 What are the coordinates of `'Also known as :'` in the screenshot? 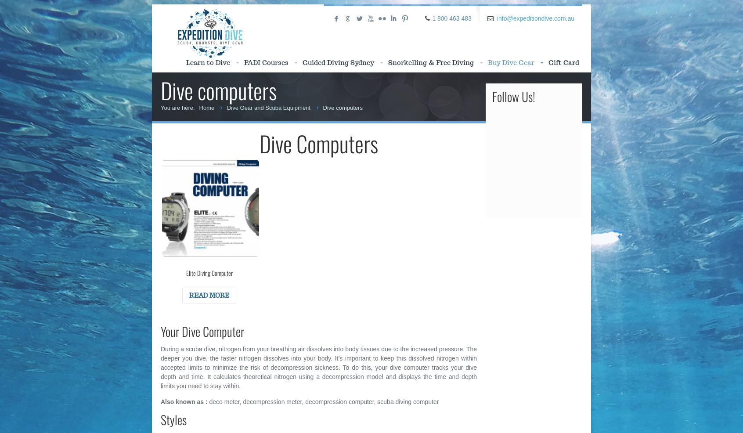 It's located at (184, 402).